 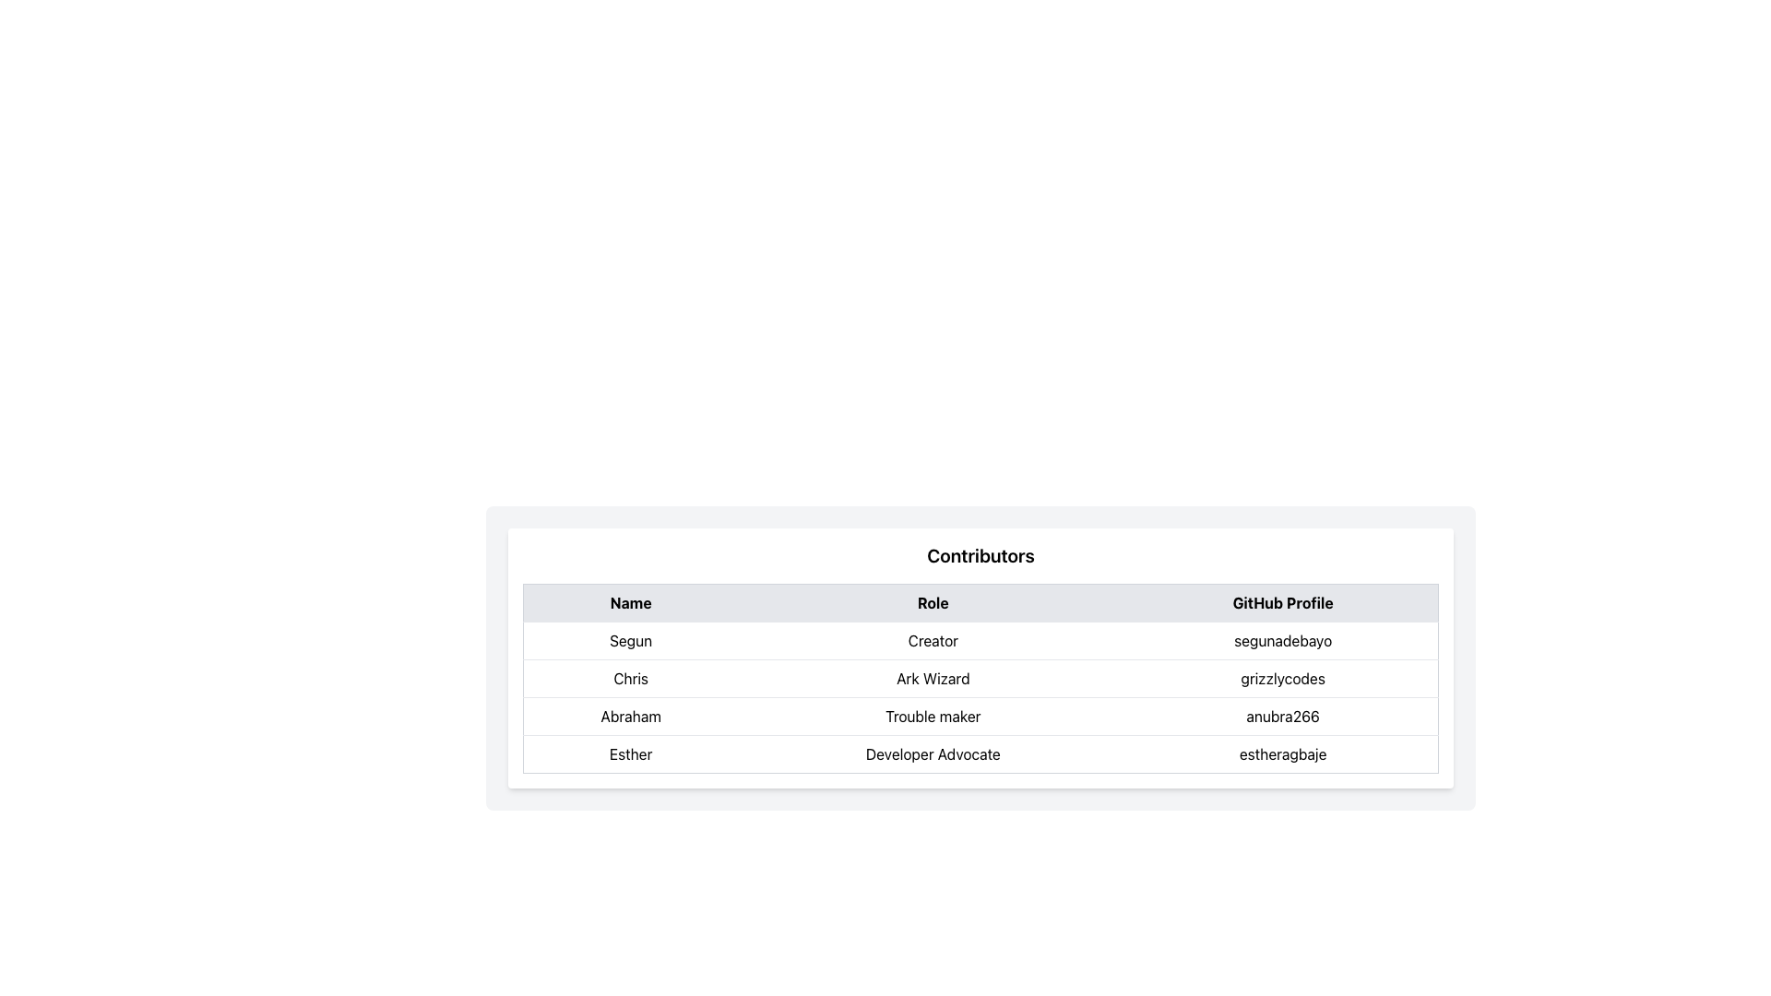 I want to click on the display field representing the GitHub profile handle for 'Chris' located in the third cell of the second row in the 'GitHub Profile' column, so click(x=1282, y=679).